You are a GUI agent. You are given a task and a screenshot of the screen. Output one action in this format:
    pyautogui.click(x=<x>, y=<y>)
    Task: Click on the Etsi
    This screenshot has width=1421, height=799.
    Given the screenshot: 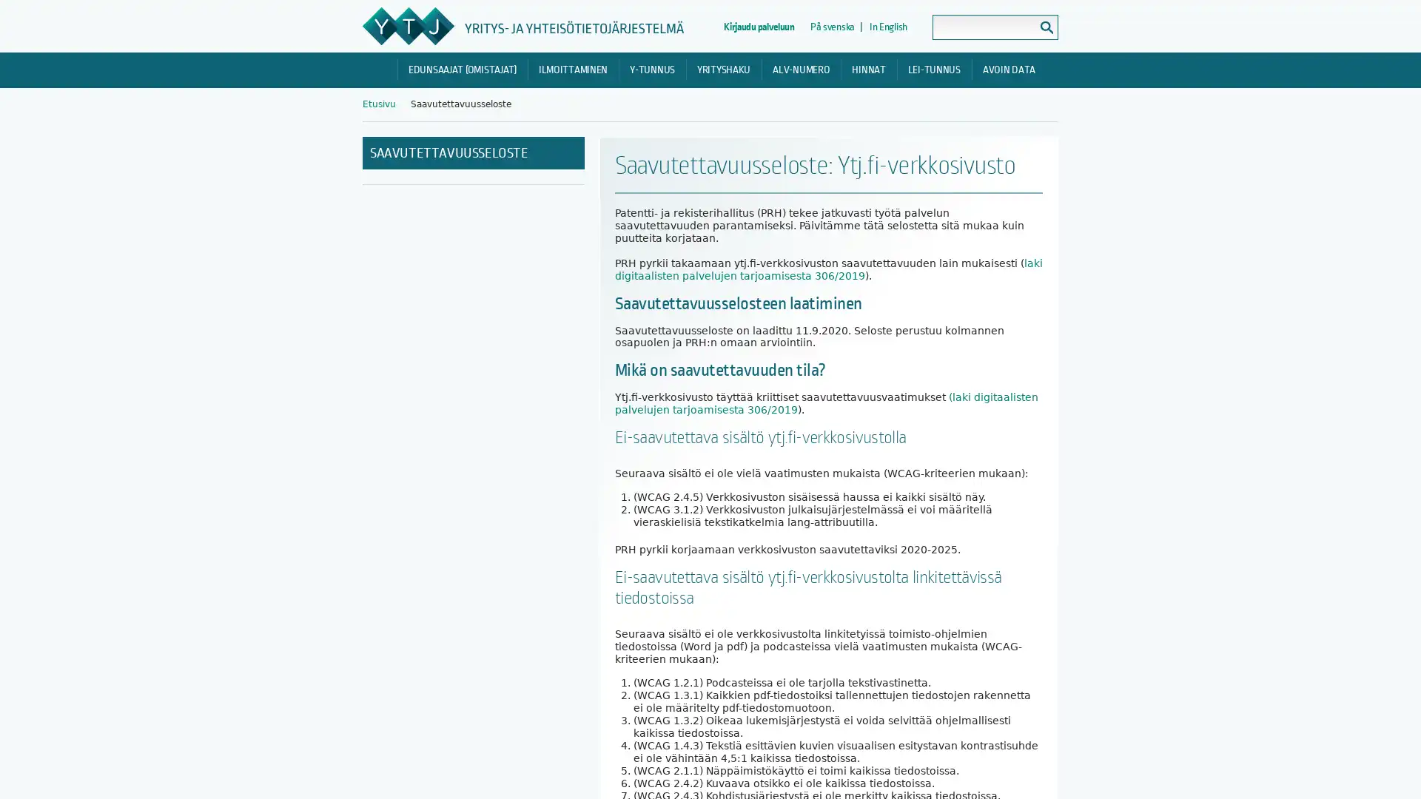 What is the action you would take?
    pyautogui.click(x=1046, y=27)
    